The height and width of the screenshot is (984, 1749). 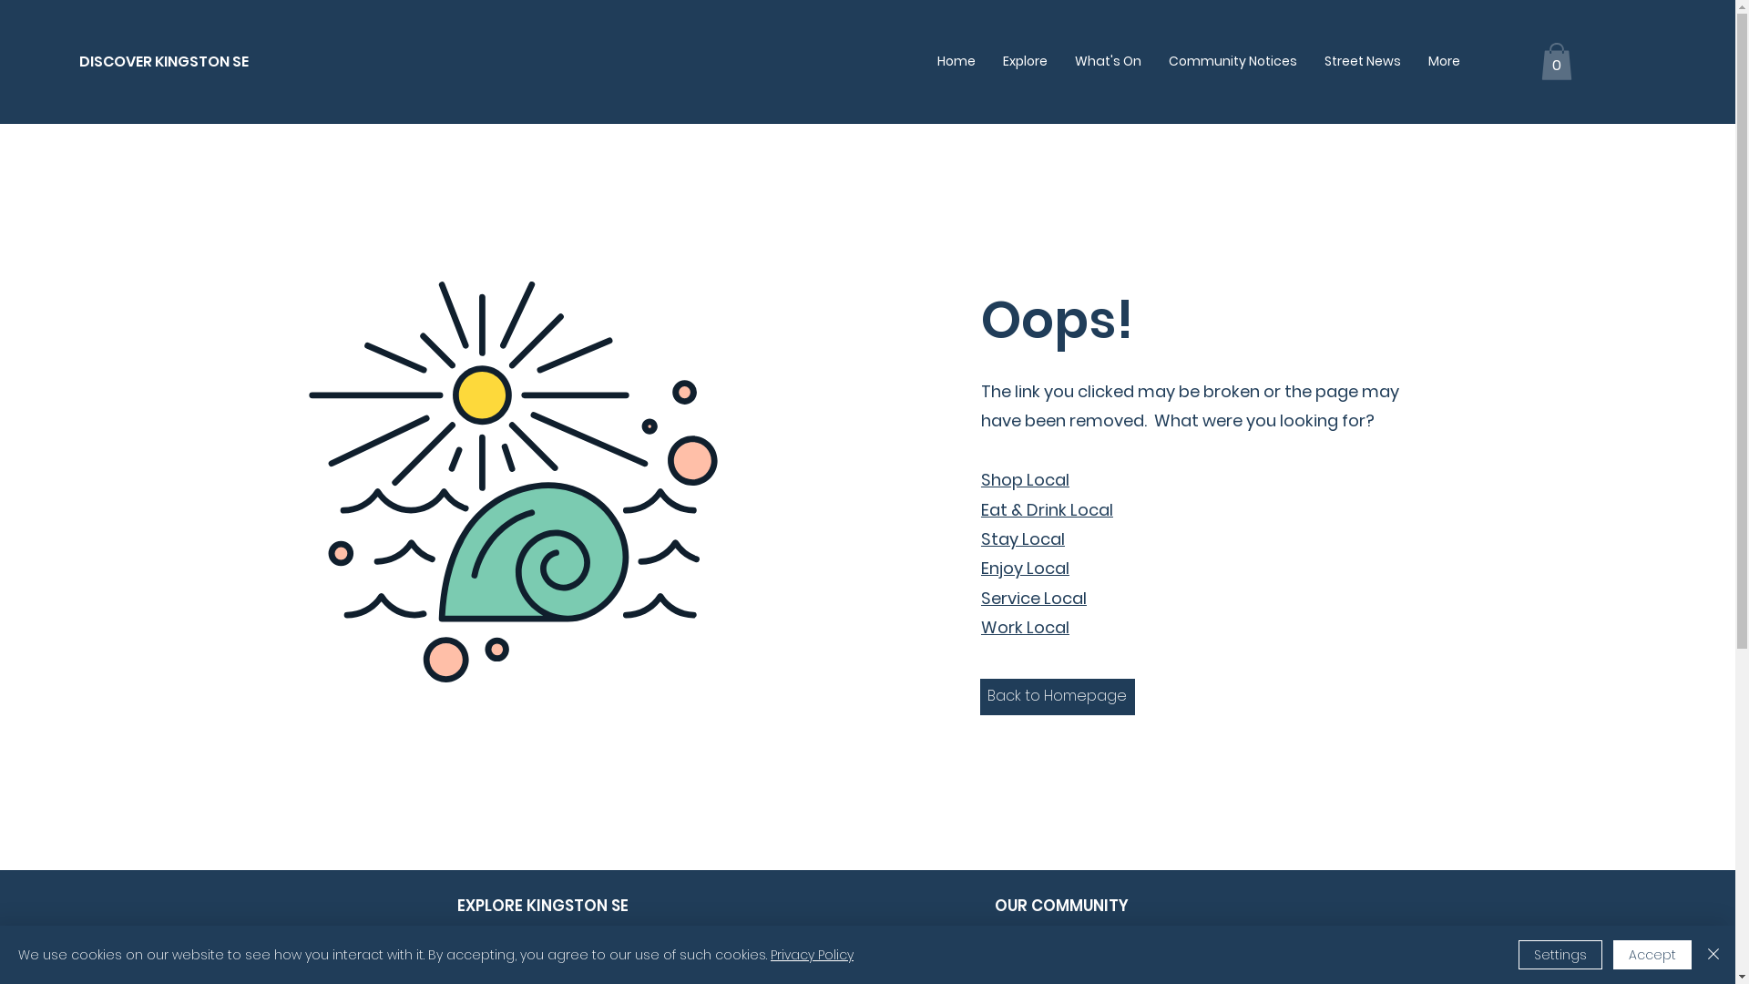 I want to click on 'About Discover Kingston SE', so click(x=1103, y=930).